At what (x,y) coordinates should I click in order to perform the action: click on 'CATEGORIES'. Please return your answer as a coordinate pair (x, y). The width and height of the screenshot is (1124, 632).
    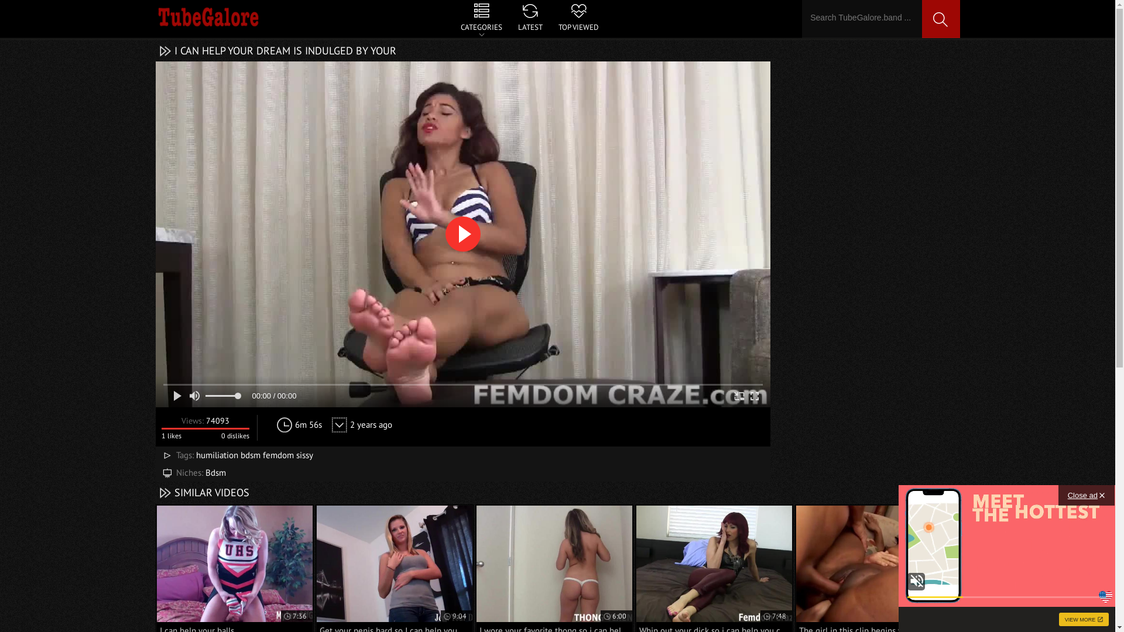
    Looking at the image, I should click on (481, 19).